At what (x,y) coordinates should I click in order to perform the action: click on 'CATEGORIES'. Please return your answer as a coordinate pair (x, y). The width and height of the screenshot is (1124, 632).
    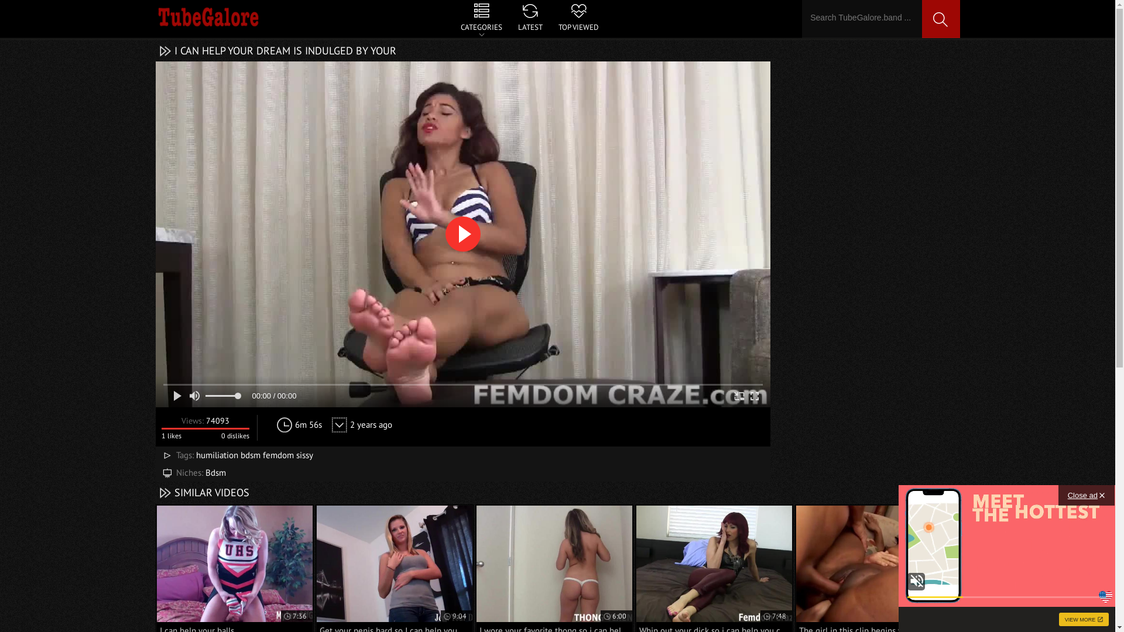
    Looking at the image, I should click on (481, 19).